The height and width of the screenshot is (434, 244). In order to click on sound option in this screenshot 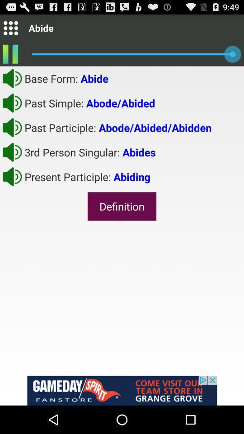, I will do `click(12, 127)`.